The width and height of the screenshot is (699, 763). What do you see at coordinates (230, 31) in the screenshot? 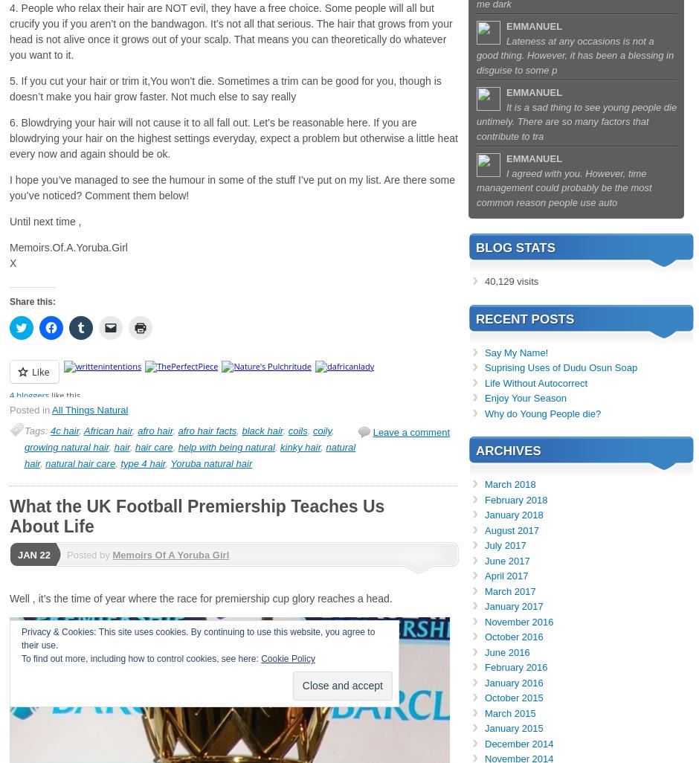
I see `'4. People who relax their hair are NOT evil, they have a free choice. Some people will all but crucify you if you aren’t on the bandwagon. It’s not all that serious. The hair that grows from your head is not alive once it grows out of your scalp. That means you can theoretically do whatever you want to it.'` at bounding box center [230, 31].